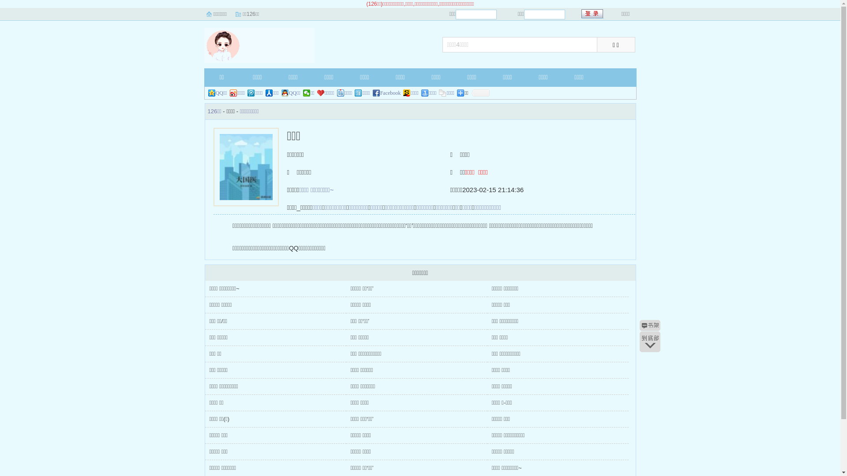 This screenshot has height=476, width=847. Describe the element at coordinates (387, 93) in the screenshot. I see `'Facebook'` at that location.